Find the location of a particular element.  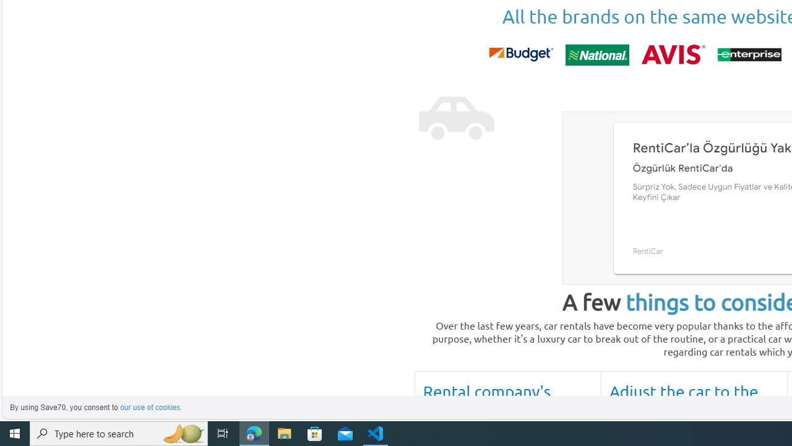

'national' is located at coordinates (597, 54).